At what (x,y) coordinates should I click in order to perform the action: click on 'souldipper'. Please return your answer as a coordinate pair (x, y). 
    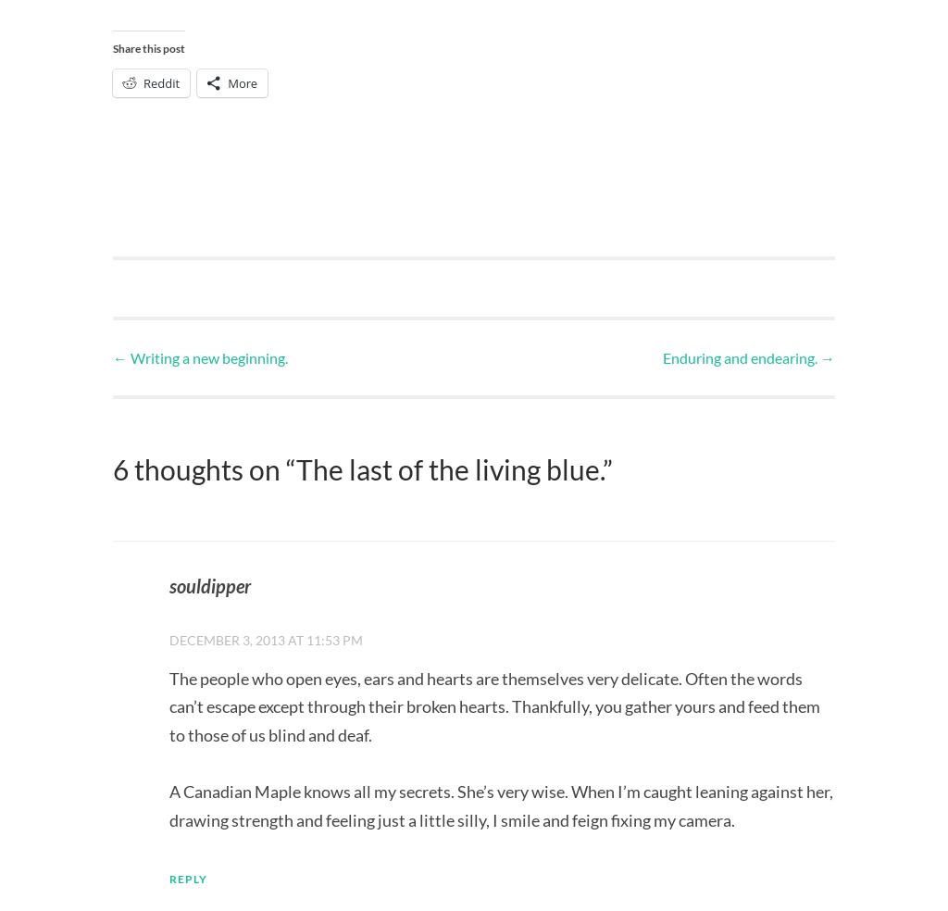
    Looking at the image, I should click on (168, 585).